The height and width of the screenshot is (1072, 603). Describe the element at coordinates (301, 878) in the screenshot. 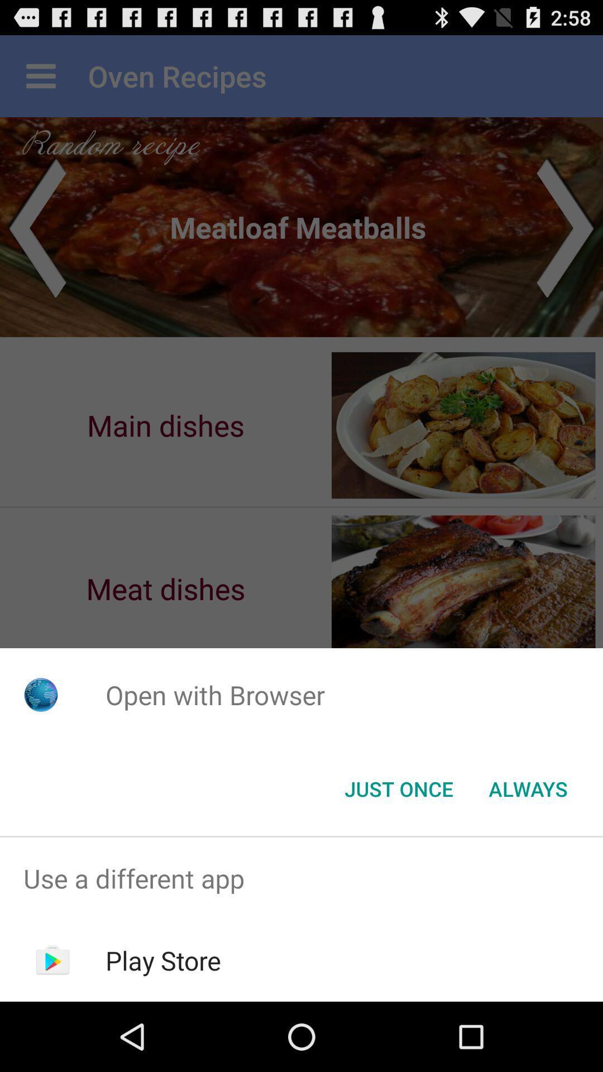

I see `app above the play store` at that location.